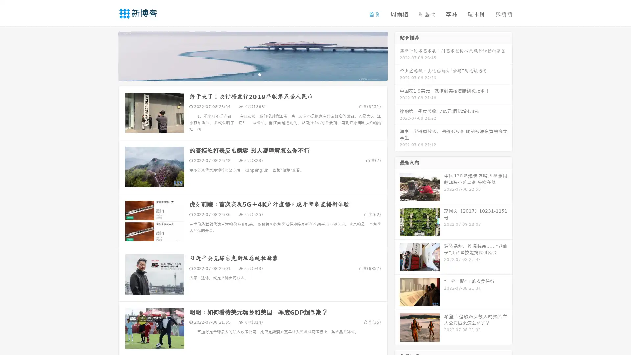 The height and width of the screenshot is (355, 631). I want to click on Previous slide, so click(108, 55).